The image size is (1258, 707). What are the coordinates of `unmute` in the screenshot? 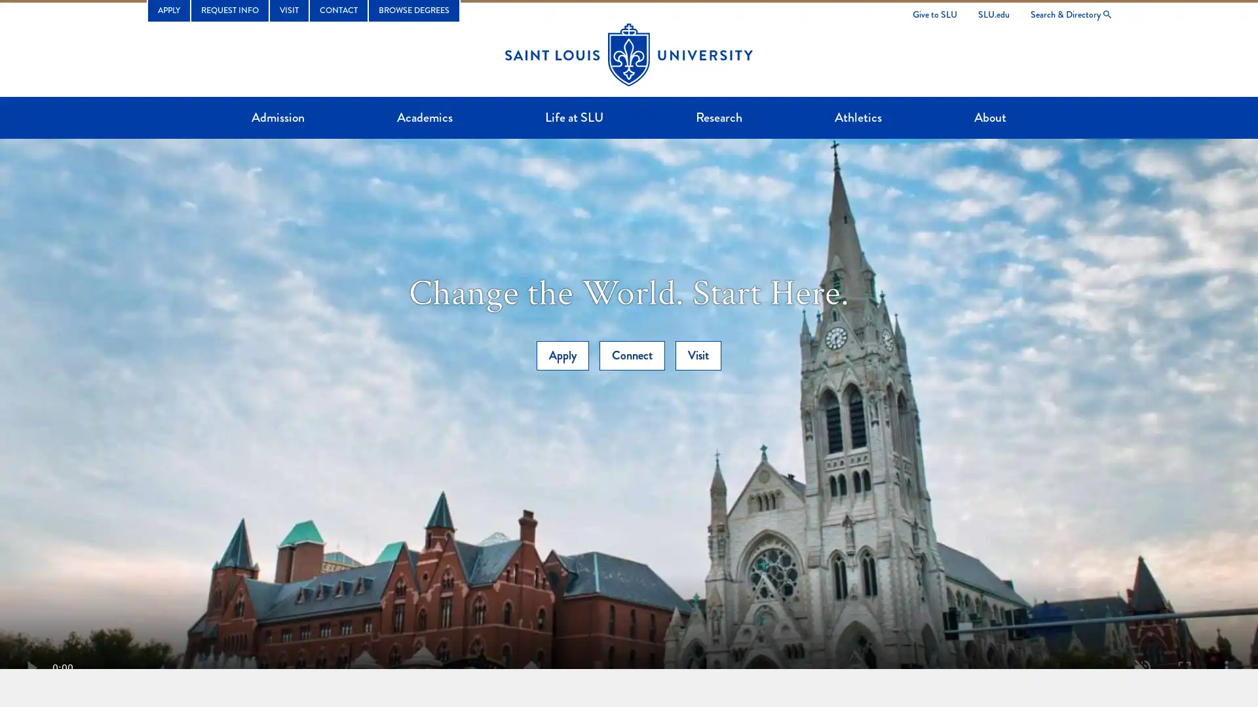 It's located at (1141, 667).